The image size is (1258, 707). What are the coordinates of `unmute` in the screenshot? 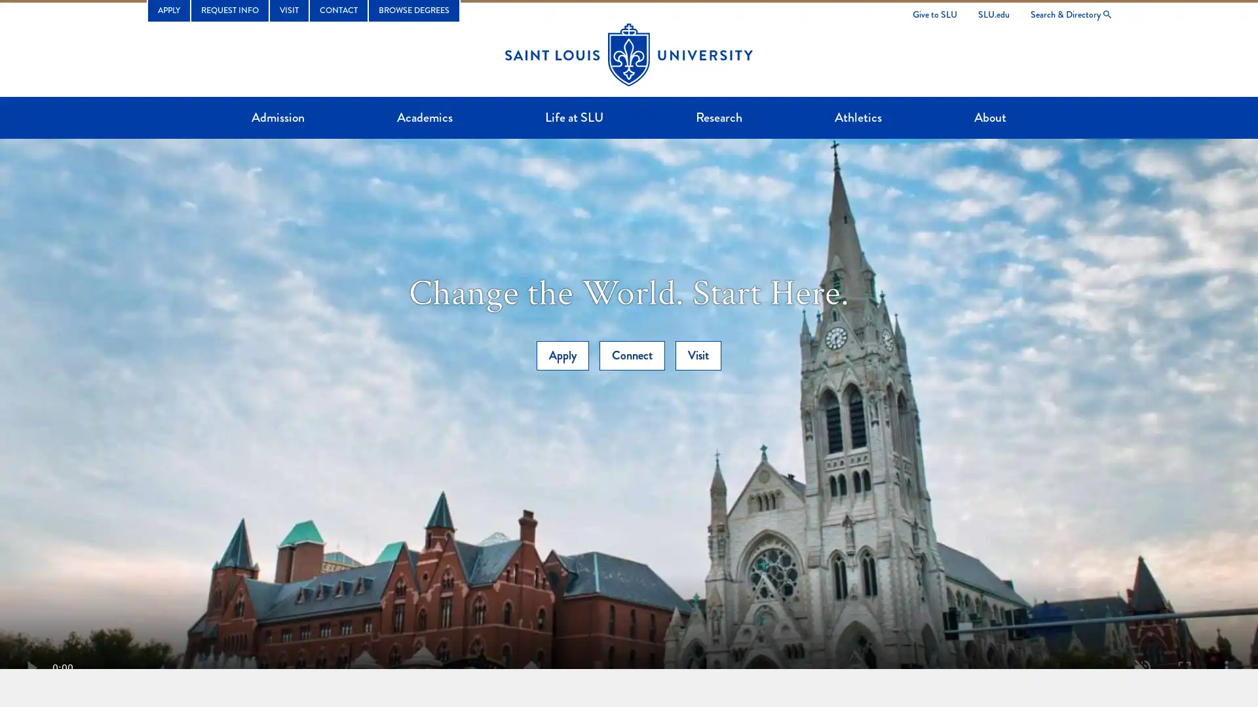 It's located at (1141, 667).